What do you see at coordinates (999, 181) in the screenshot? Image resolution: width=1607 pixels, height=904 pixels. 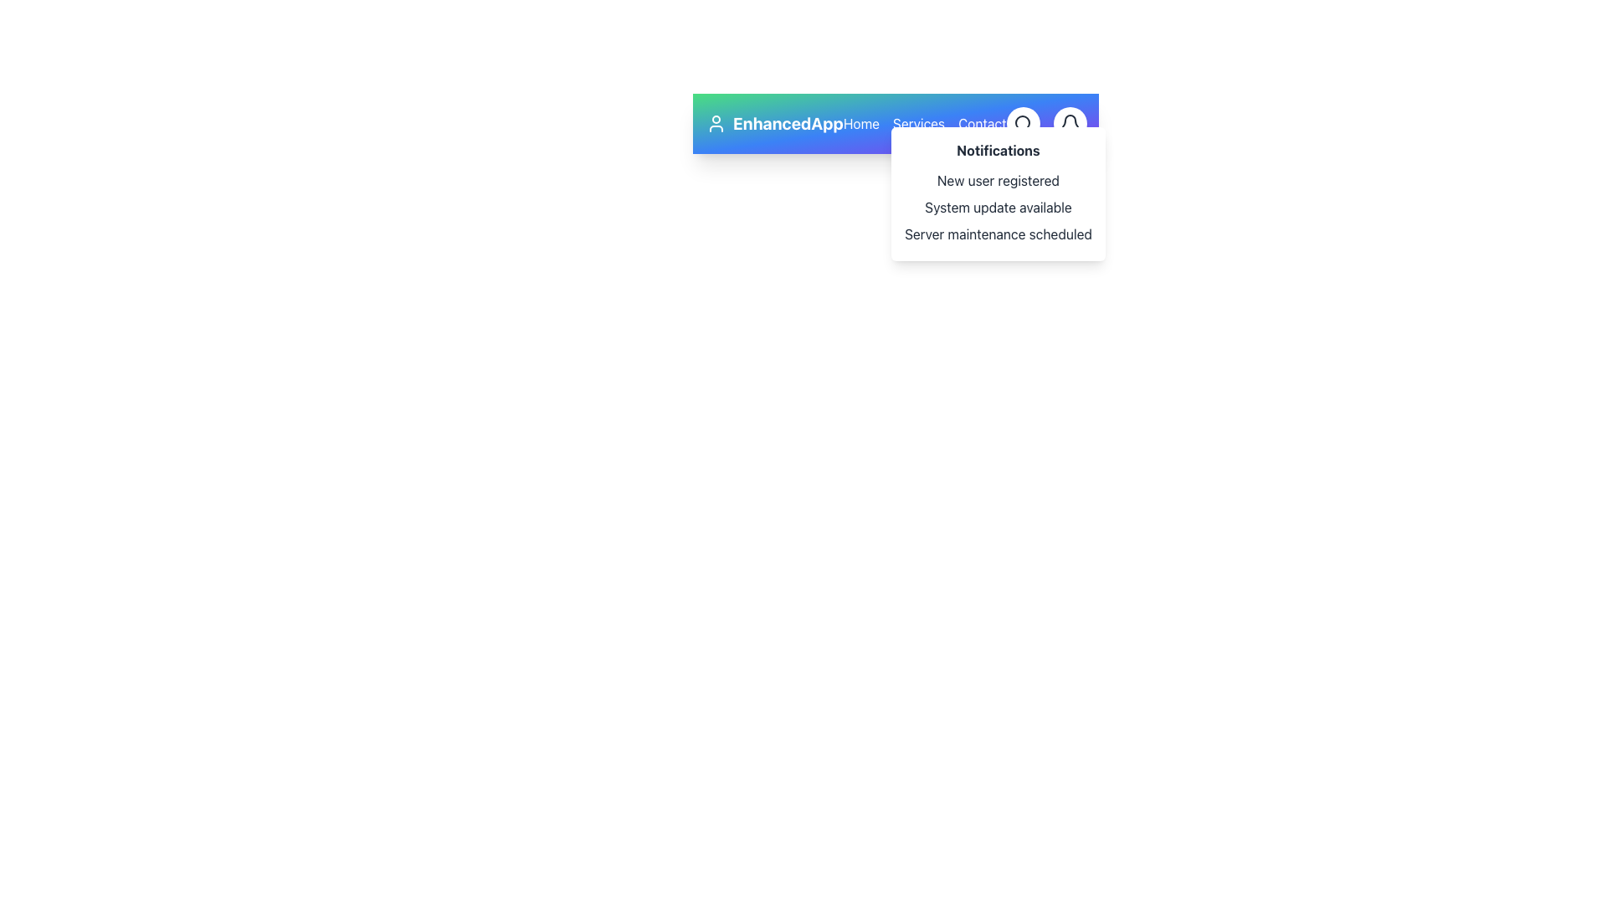 I see `the text label that informs the user of the registration of a new user, located in the dropdown element to the right side of the navigation bar` at bounding box center [999, 181].